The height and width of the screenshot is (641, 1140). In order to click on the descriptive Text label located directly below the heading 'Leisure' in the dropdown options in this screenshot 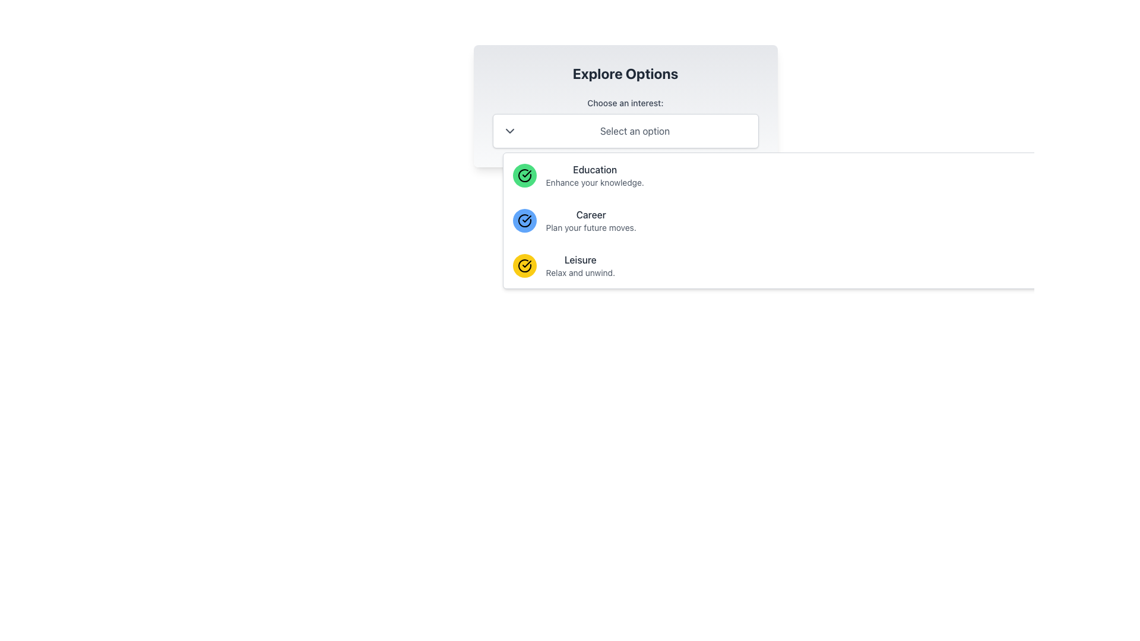, I will do `click(580, 272)`.